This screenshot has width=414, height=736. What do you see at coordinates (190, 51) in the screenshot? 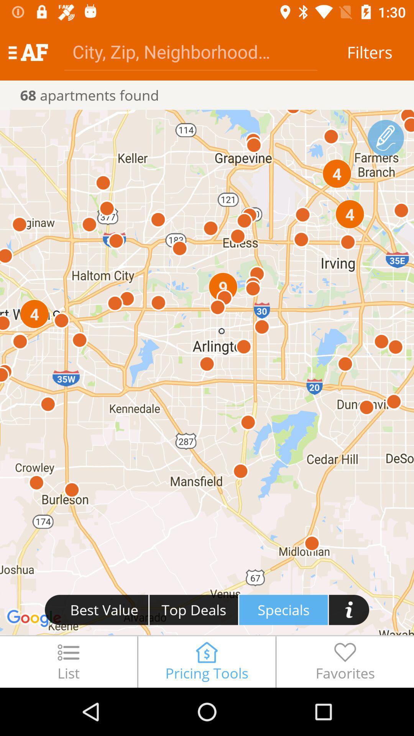
I see `city zip neighborhood` at bounding box center [190, 51].